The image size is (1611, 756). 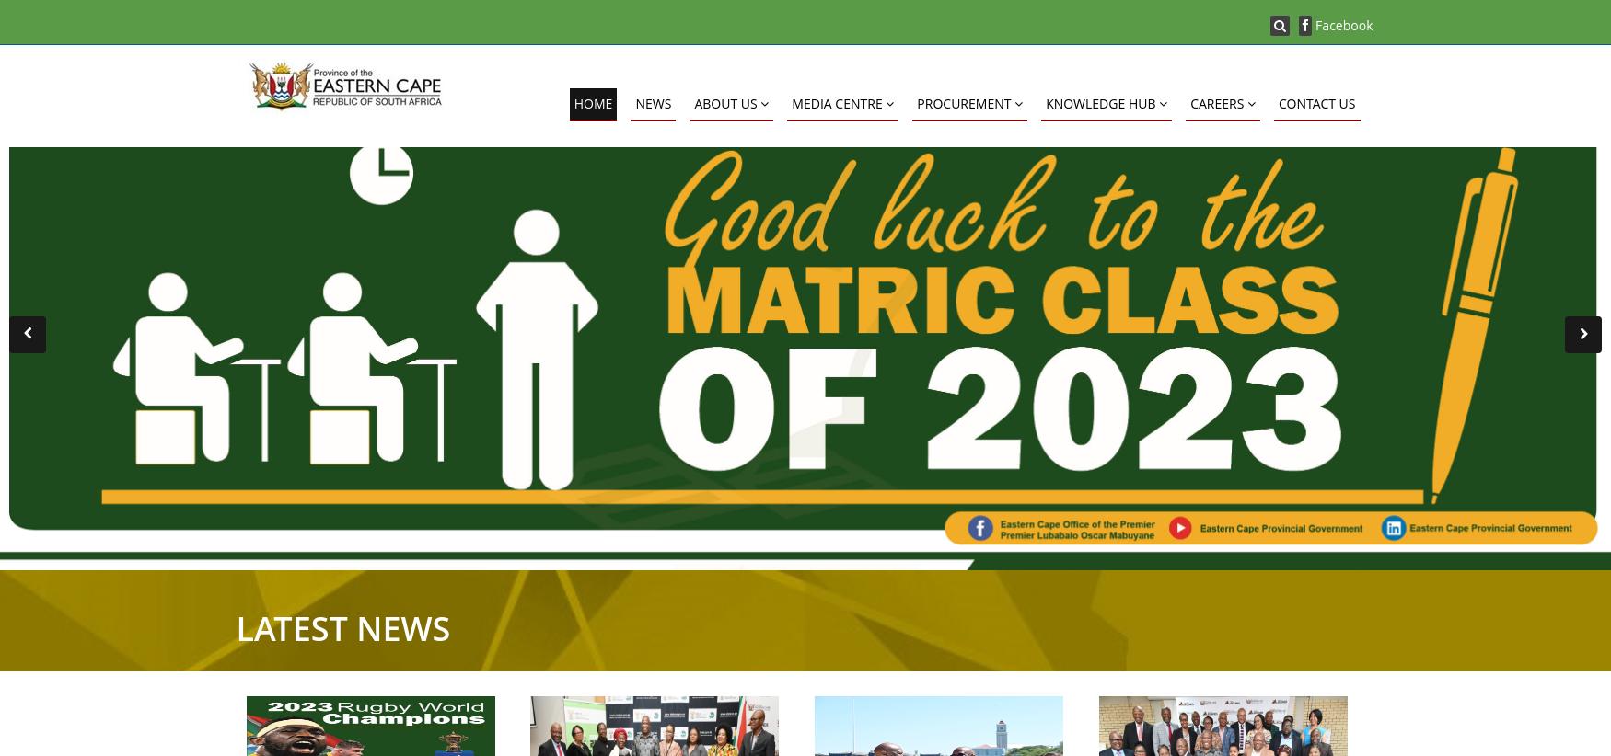 I want to click on 'NEWS', so click(x=653, y=102).